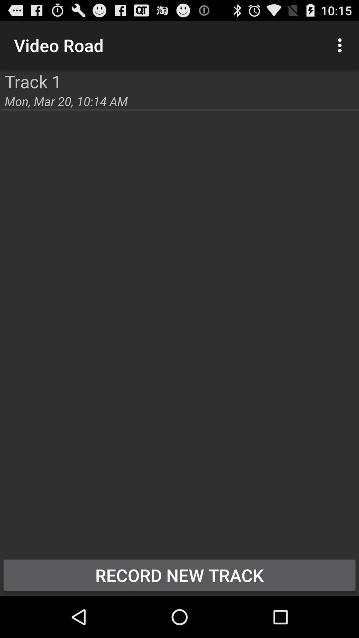  Describe the element at coordinates (341, 45) in the screenshot. I see `icon to the right of the video road item` at that location.